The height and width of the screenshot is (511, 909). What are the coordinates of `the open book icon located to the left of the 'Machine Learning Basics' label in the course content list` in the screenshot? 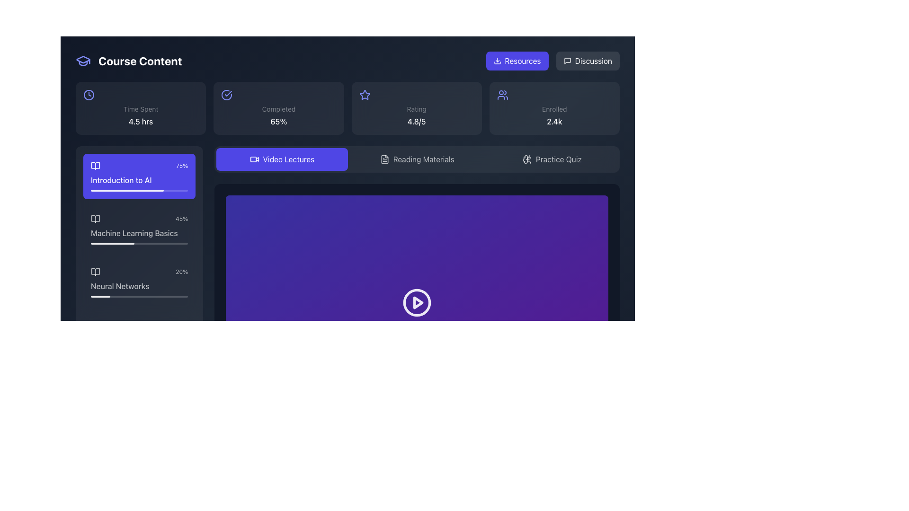 It's located at (95, 219).